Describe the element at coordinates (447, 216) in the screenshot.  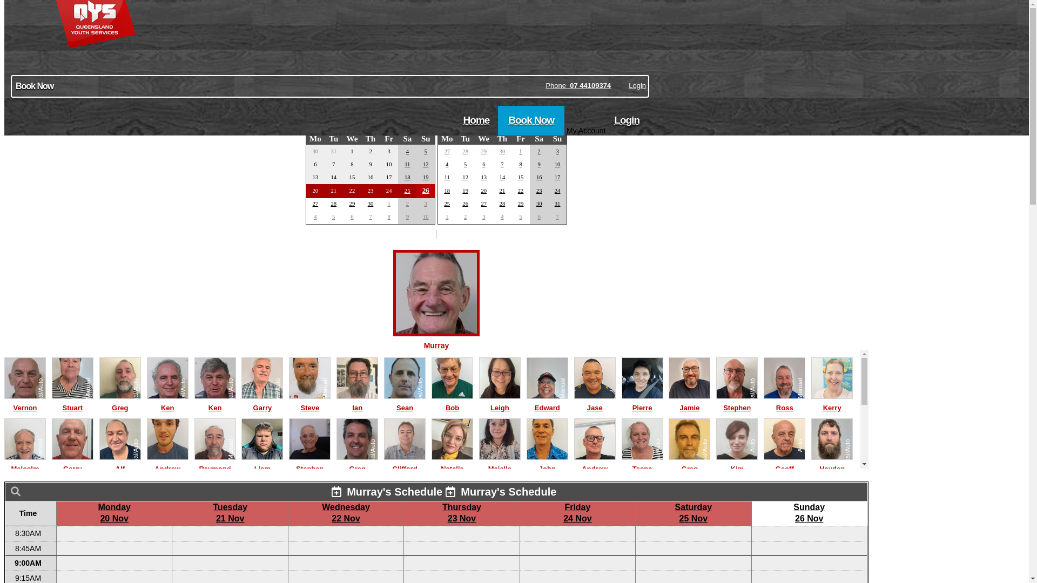
I see `'1'` at that location.